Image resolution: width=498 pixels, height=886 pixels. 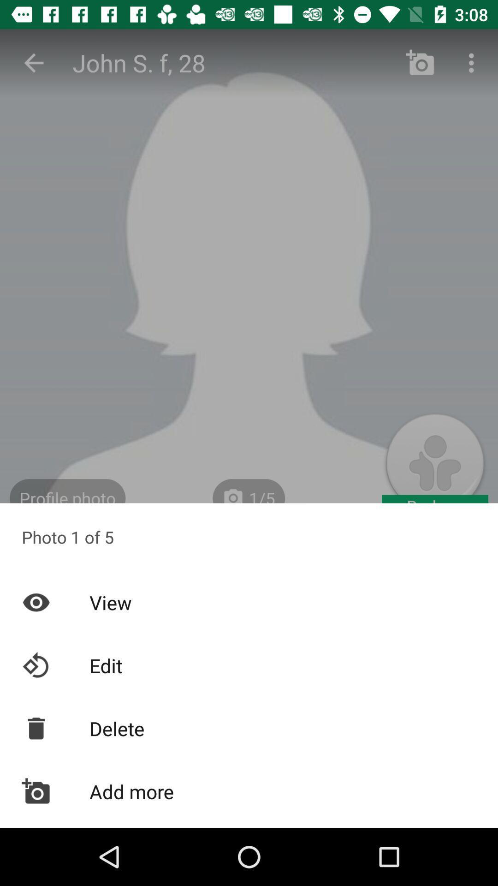 I want to click on the icon above the add more icon, so click(x=249, y=728).